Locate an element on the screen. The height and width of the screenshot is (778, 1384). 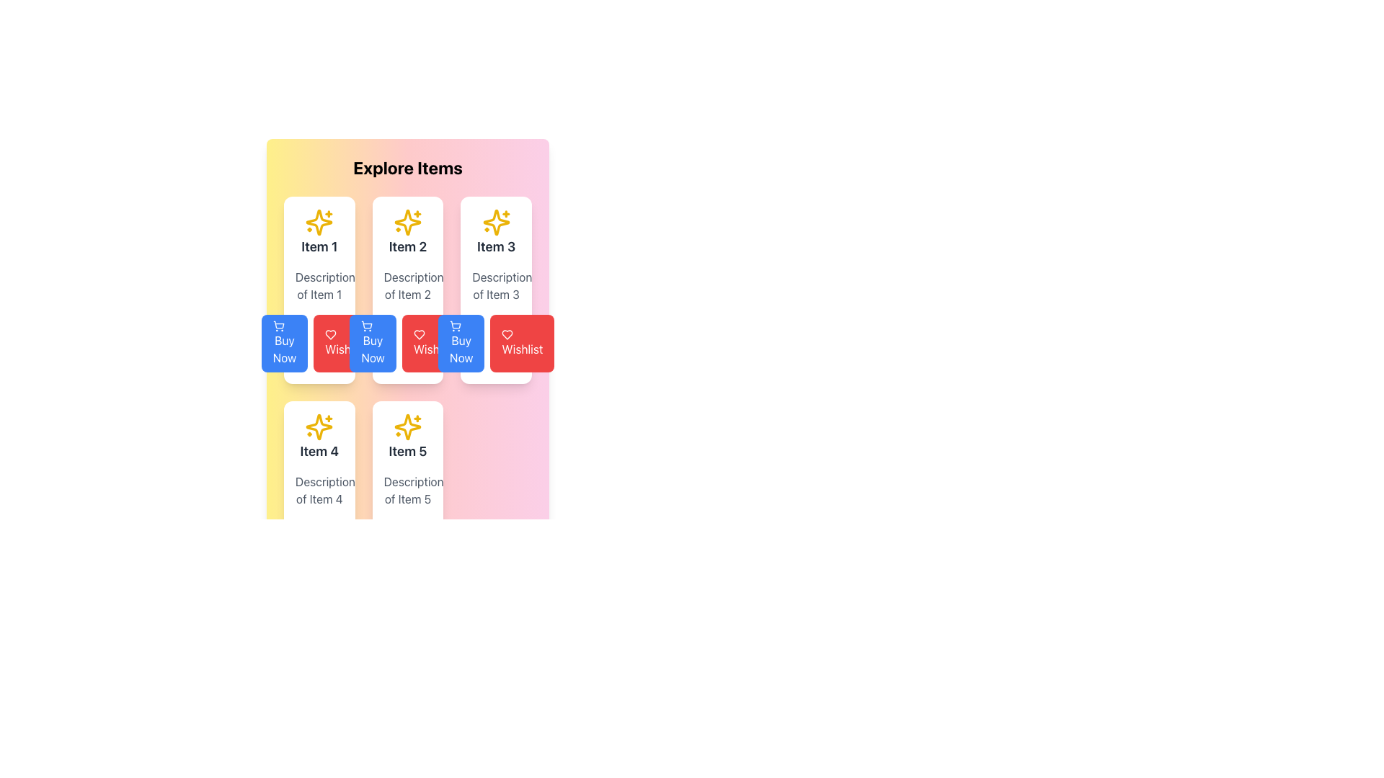
the descriptive text element explaining 'Item 3', located below the title and above the action buttons in the third card of the 'Explore Items' section is located at coordinates (496, 286).